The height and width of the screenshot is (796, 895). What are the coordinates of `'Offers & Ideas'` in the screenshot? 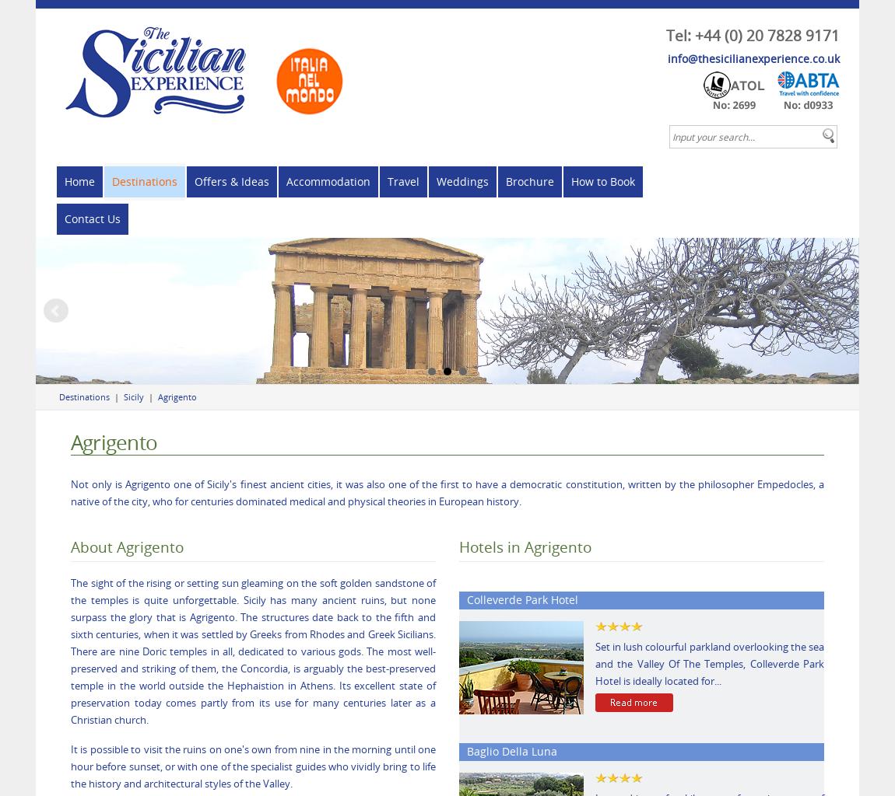 It's located at (231, 180).